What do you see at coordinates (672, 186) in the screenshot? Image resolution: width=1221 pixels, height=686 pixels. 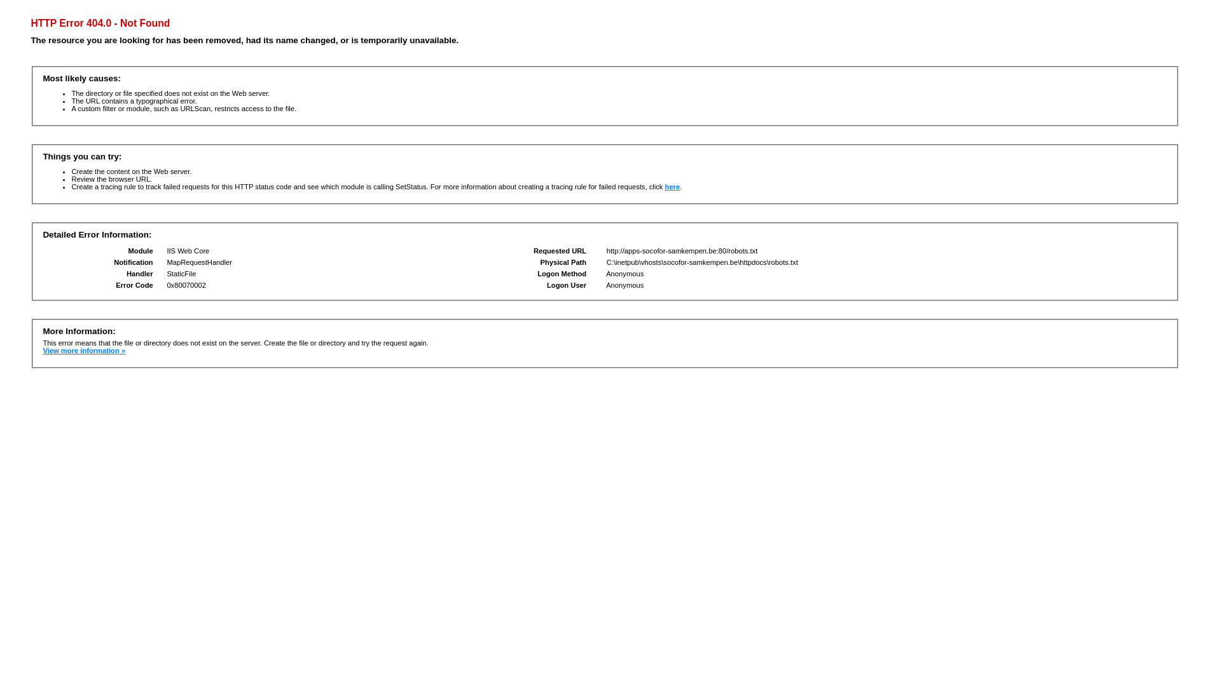 I see `'here'` at bounding box center [672, 186].